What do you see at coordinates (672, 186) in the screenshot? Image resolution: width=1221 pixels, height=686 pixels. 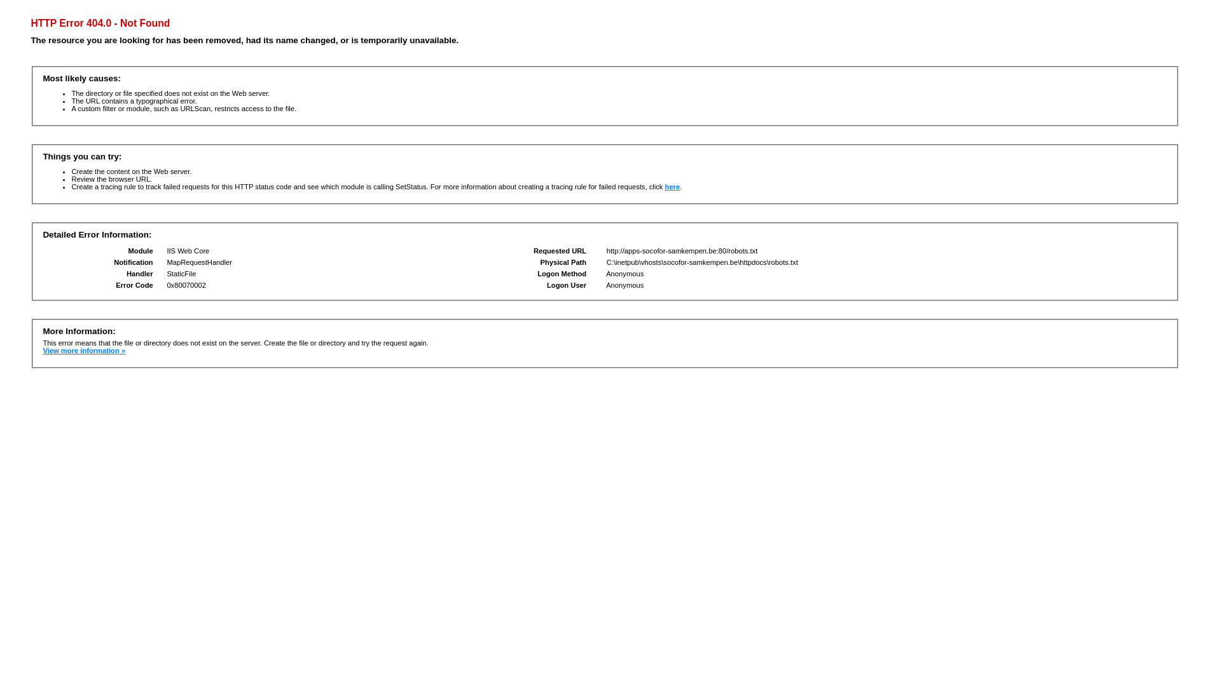 I see `'here'` at bounding box center [672, 186].